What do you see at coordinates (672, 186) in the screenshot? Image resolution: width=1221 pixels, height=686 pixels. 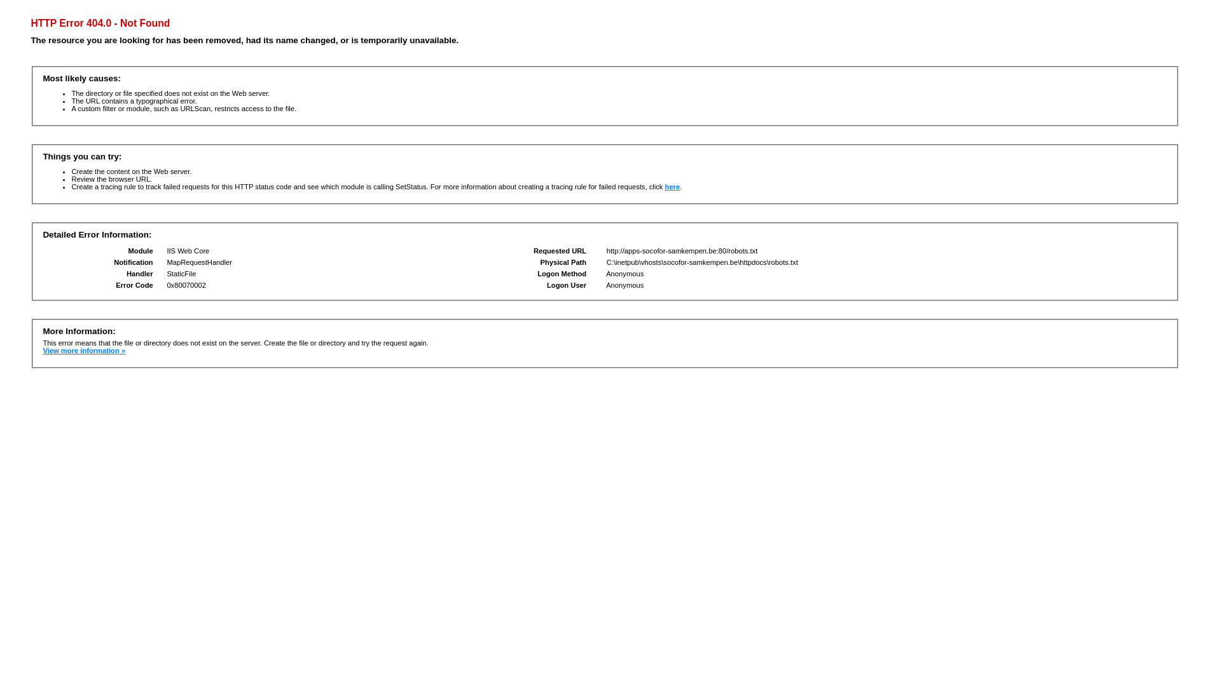 I see `'here'` at bounding box center [672, 186].